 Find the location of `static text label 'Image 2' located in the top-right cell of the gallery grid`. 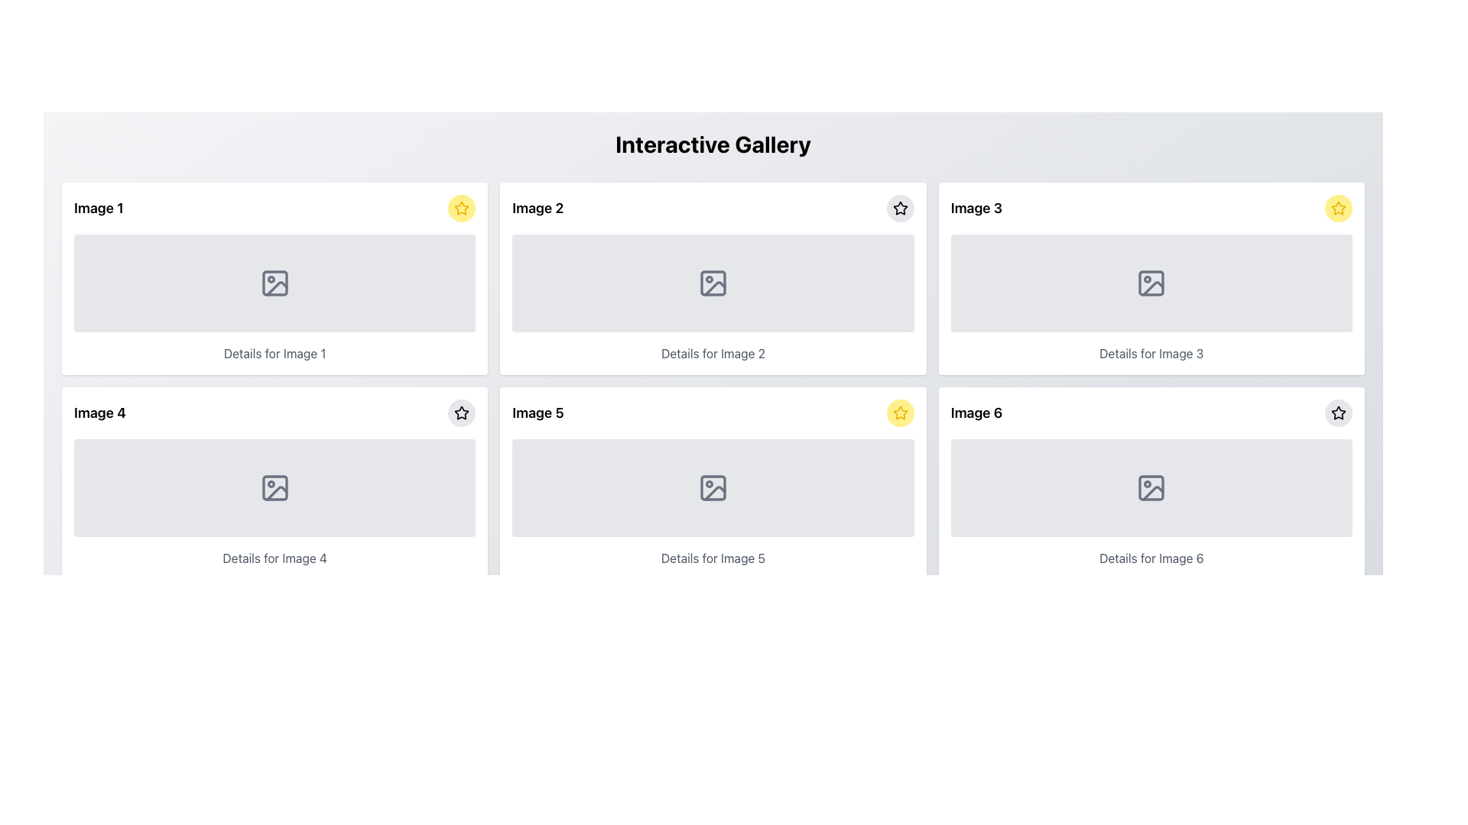

static text label 'Image 2' located in the top-right cell of the gallery grid is located at coordinates (538, 209).